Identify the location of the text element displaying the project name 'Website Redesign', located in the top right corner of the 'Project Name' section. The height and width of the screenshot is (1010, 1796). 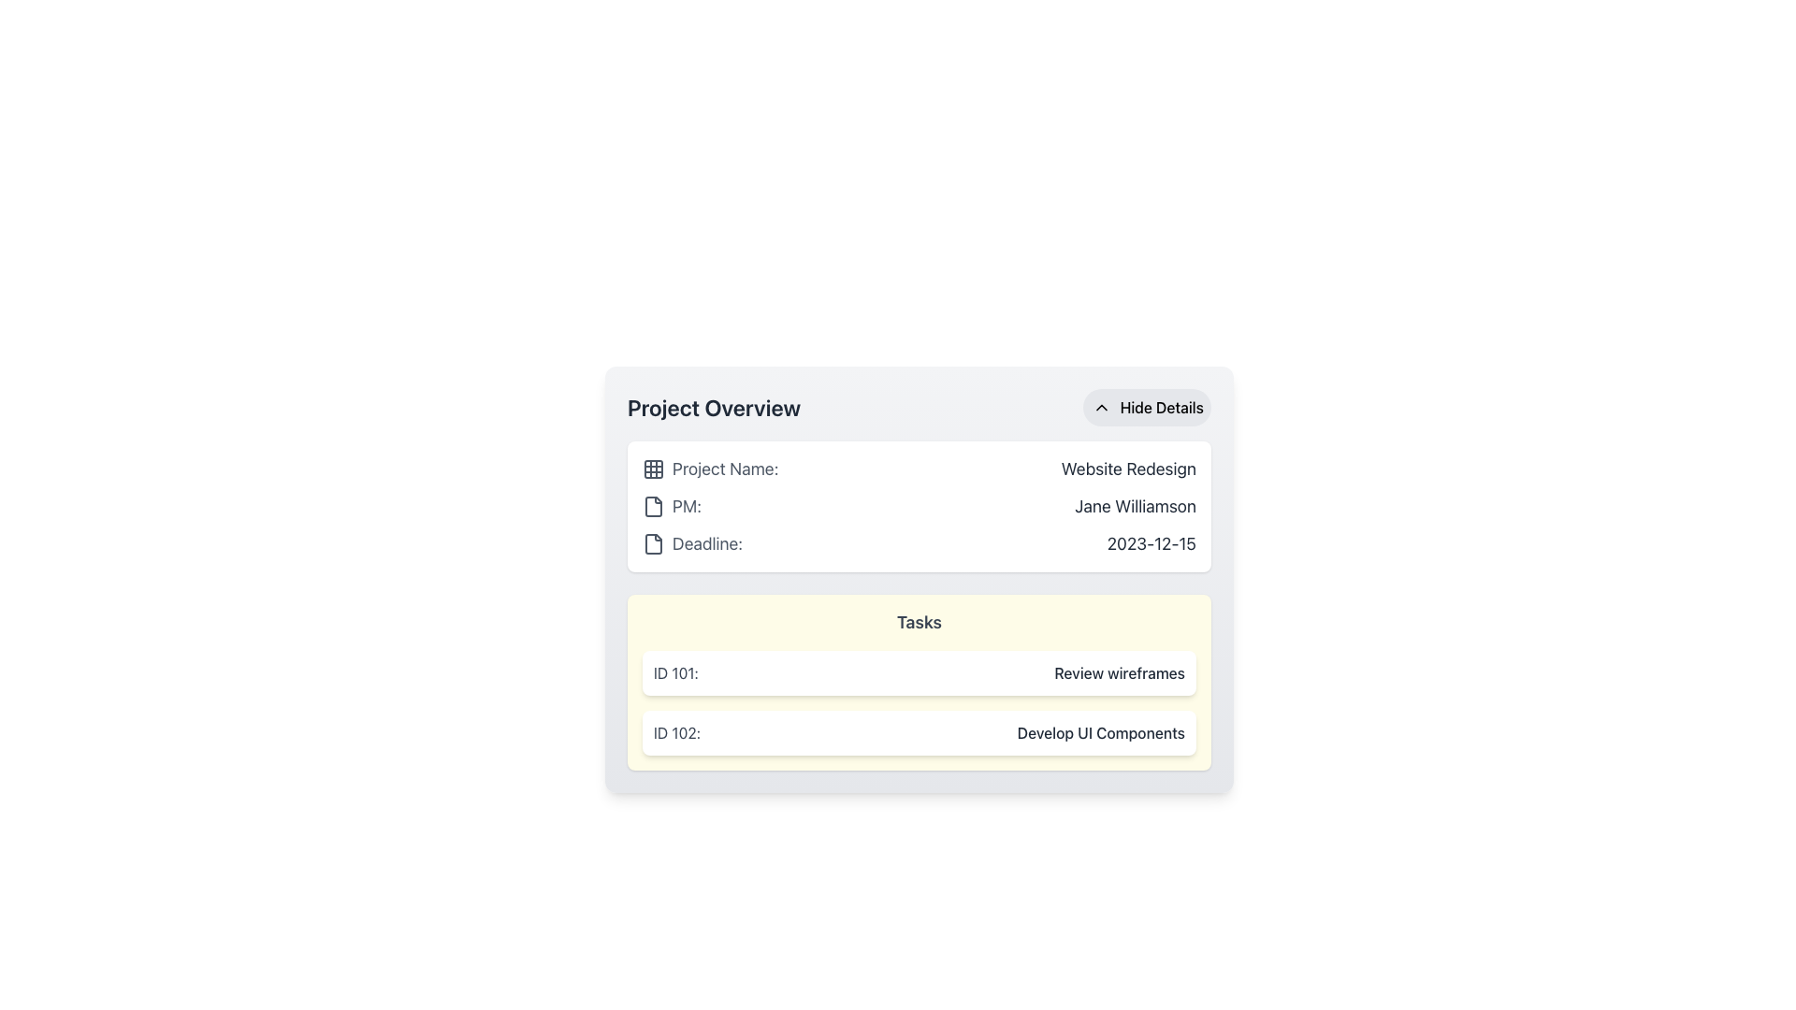
(1127, 468).